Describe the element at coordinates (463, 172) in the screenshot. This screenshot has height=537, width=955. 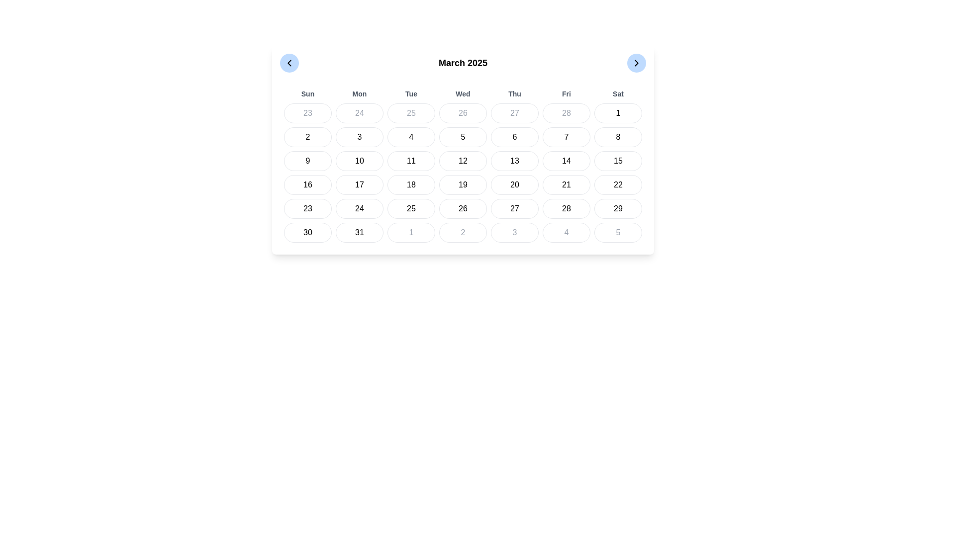
I see `the Date Cell displaying '19' in the calendar grid, which is located in the fifth element of the fourth row under the 'Wednesday' column` at that location.